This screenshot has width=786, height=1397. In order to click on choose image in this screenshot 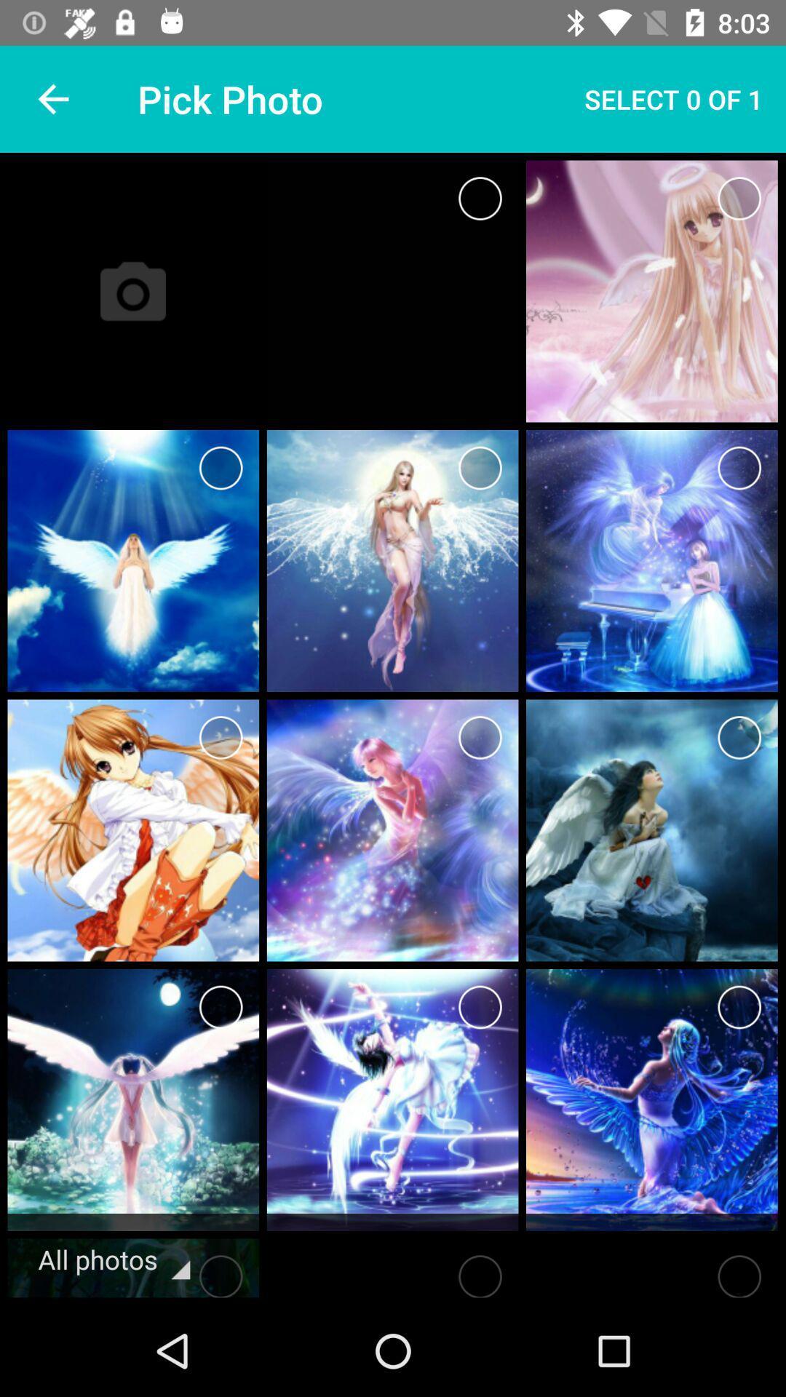, I will do `click(221, 737)`.